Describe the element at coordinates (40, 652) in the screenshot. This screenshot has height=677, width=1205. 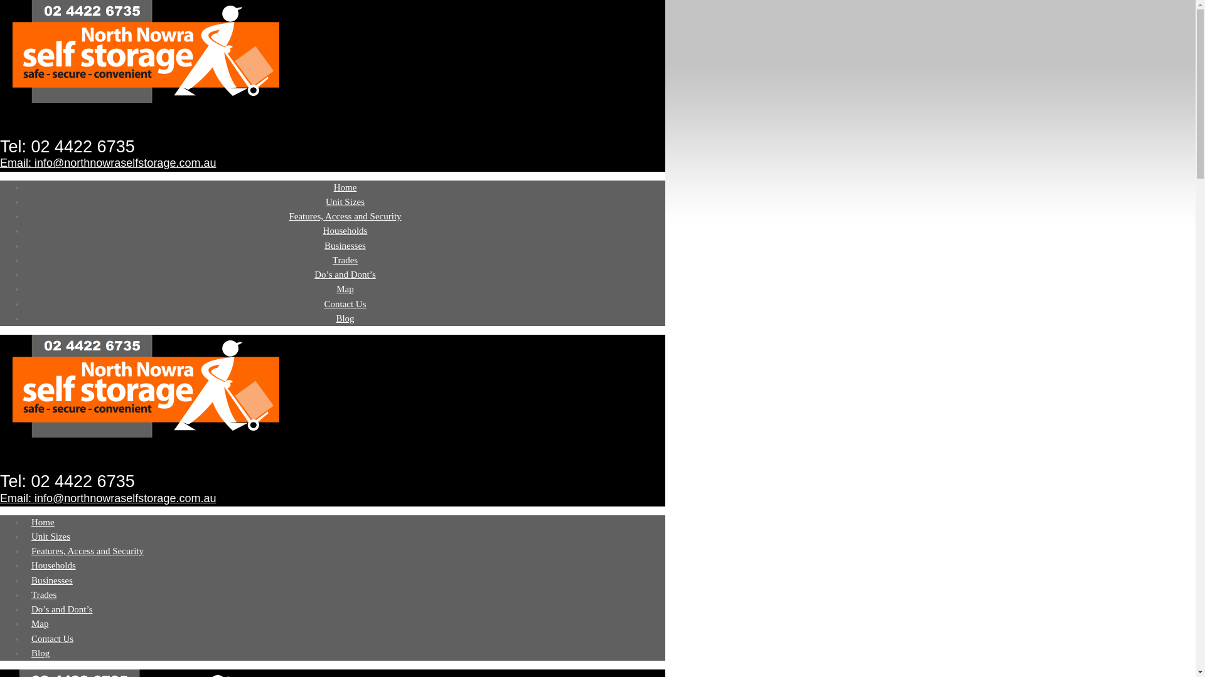
I see `'Blog'` at that location.